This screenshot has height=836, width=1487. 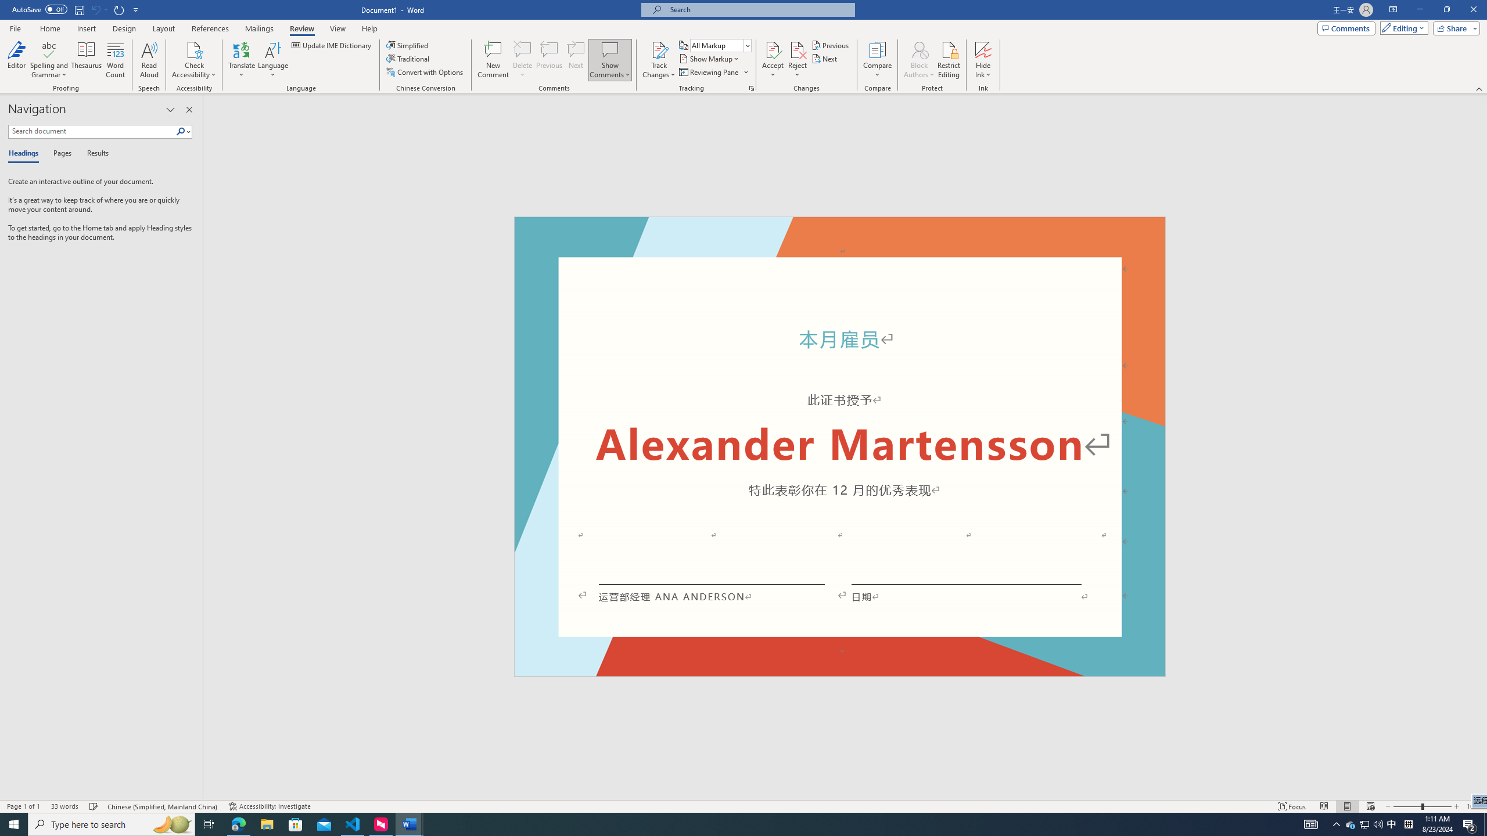 What do you see at coordinates (658, 49) in the screenshot?
I see `'Track Changes'` at bounding box center [658, 49].